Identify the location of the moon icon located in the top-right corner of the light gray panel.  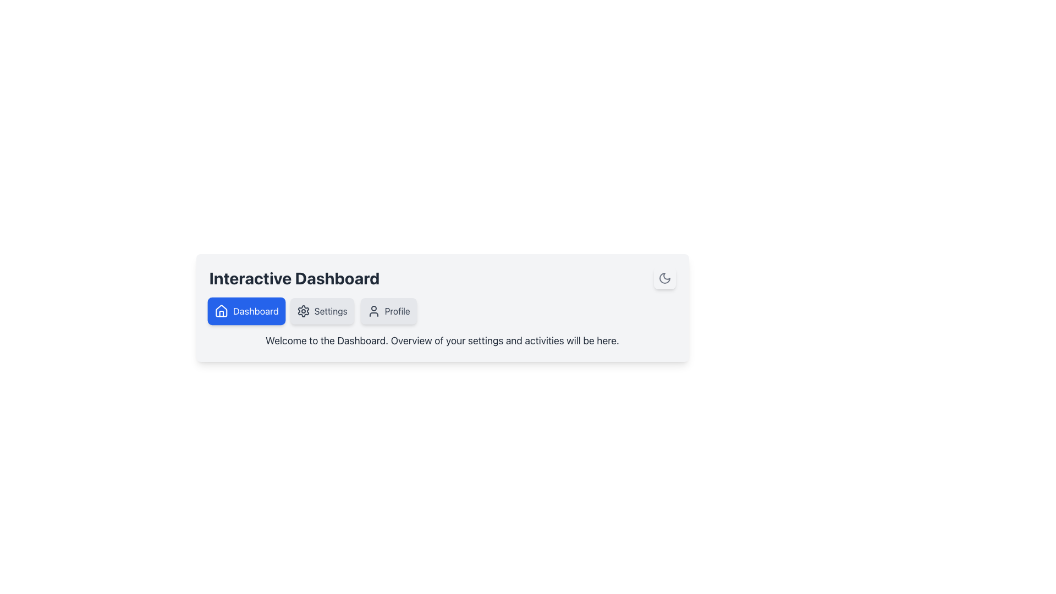
(664, 277).